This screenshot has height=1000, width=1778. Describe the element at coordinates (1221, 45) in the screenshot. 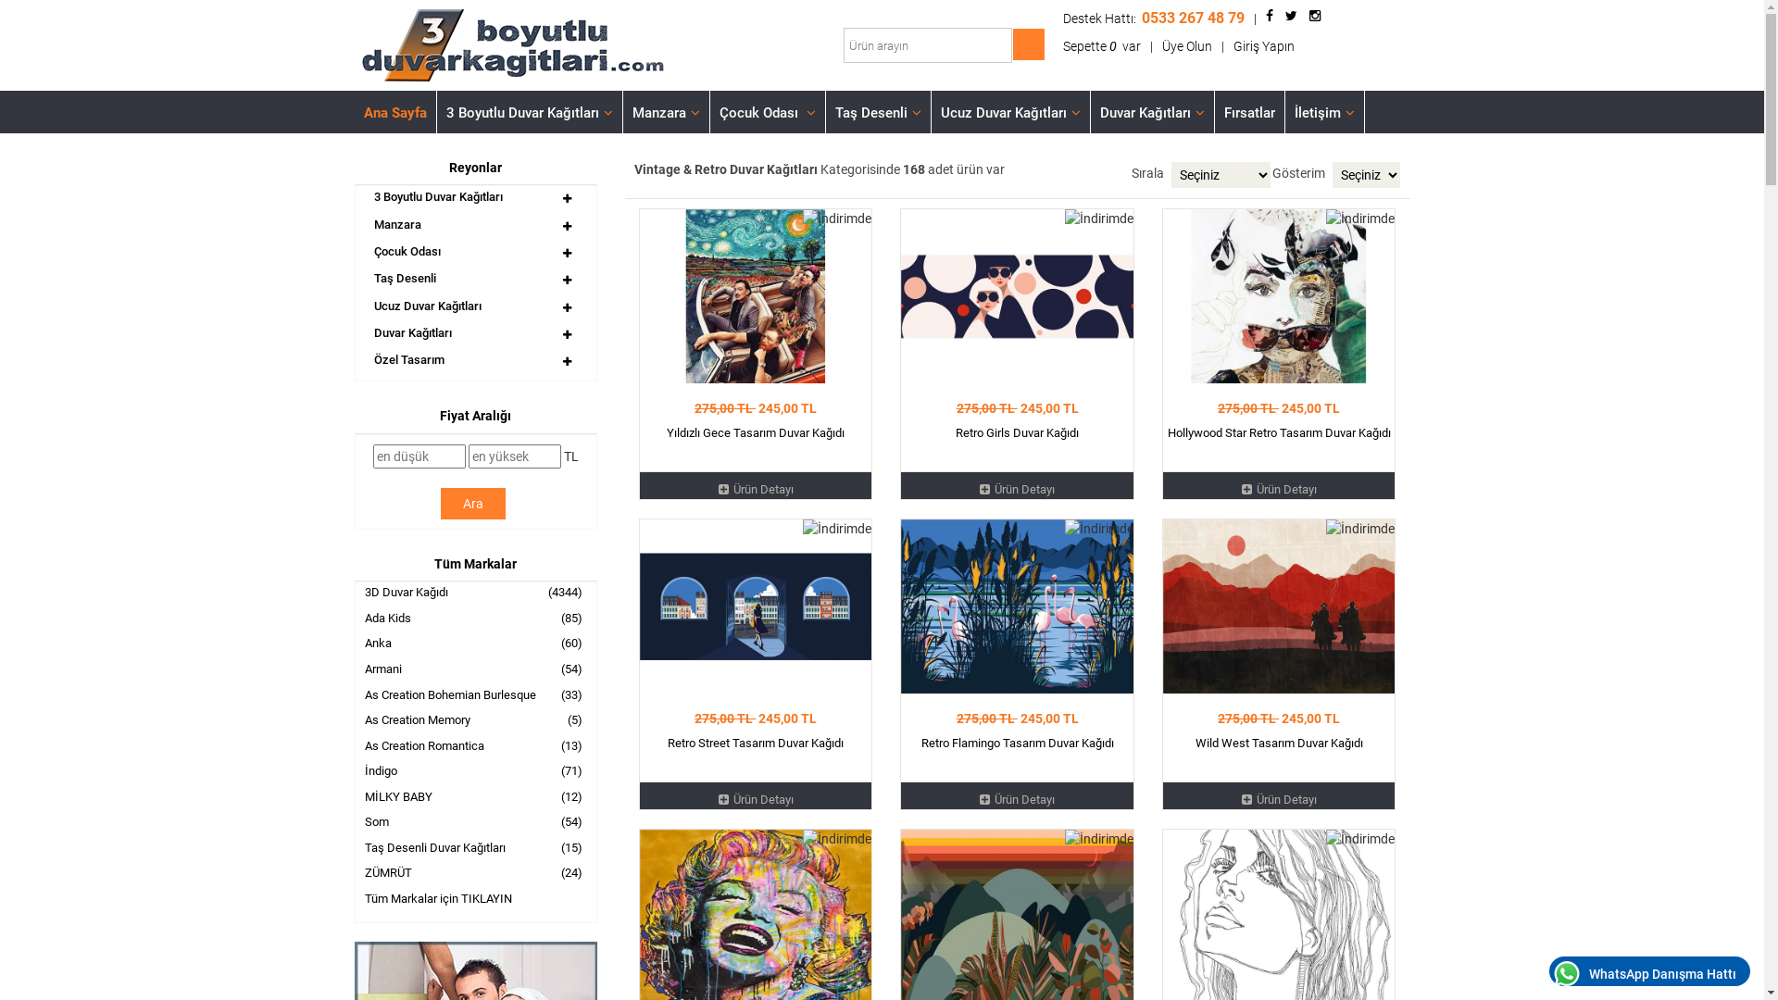

I see `'|'` at that location.